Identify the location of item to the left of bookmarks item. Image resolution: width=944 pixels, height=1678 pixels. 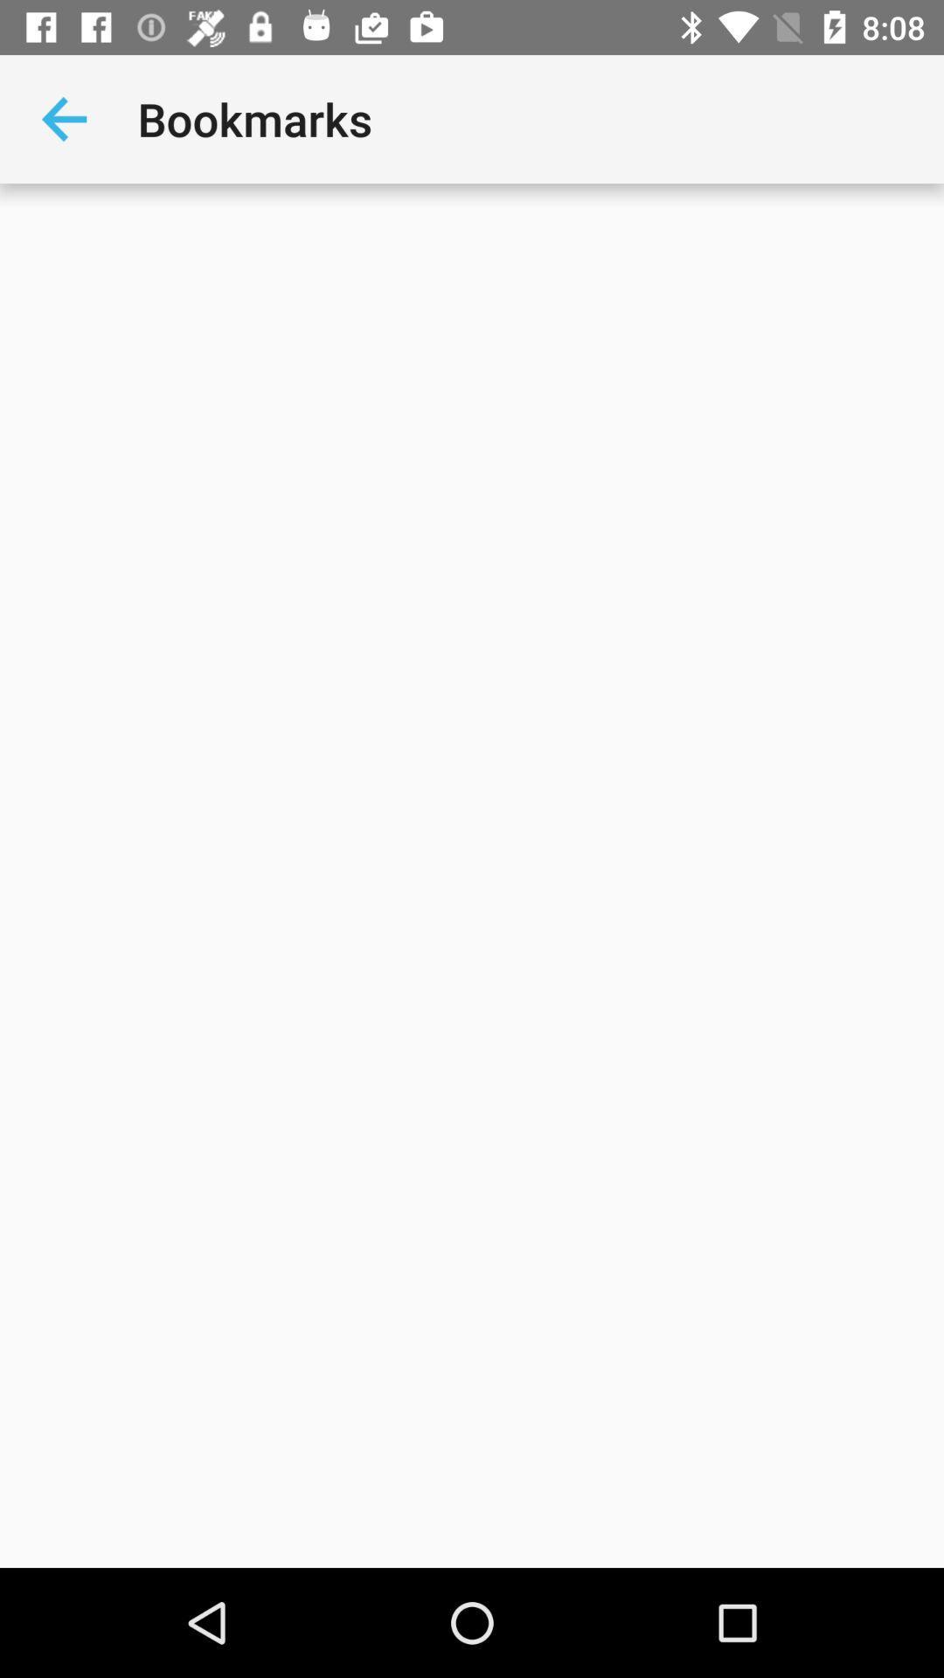
(63, 118).